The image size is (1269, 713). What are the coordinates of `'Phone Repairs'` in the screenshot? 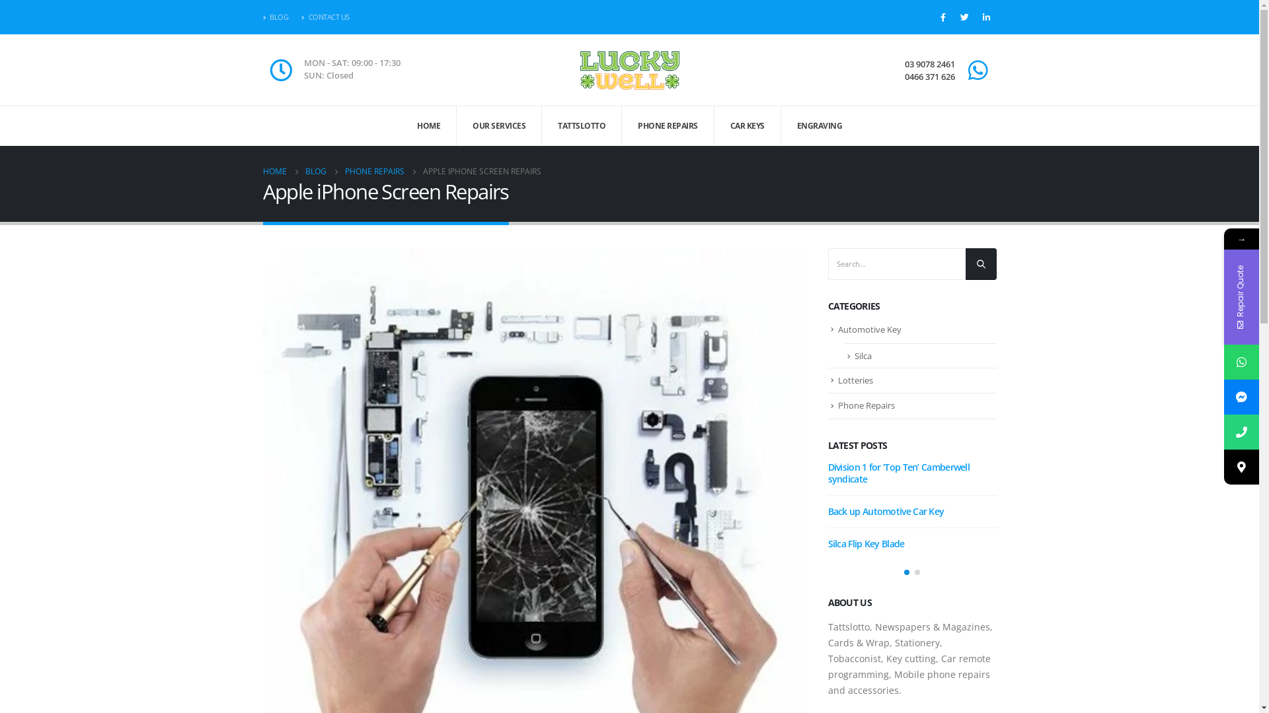 It's located at (866, 404).